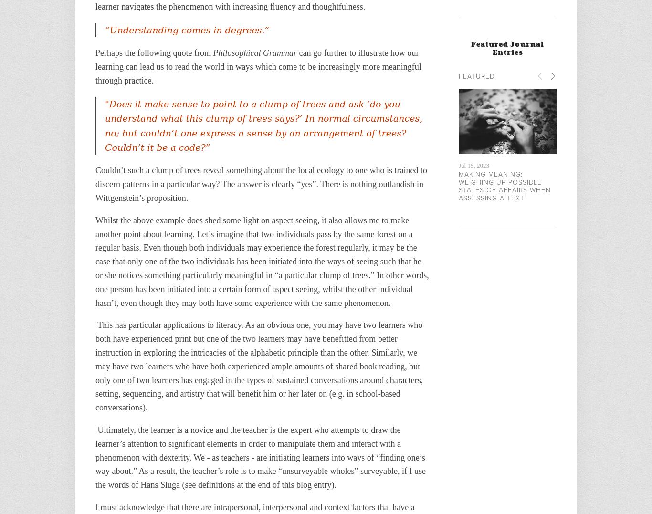  I want to click on 'Making meaning: weighing up possible states of affairs when assessing a text', so click(504, 186).